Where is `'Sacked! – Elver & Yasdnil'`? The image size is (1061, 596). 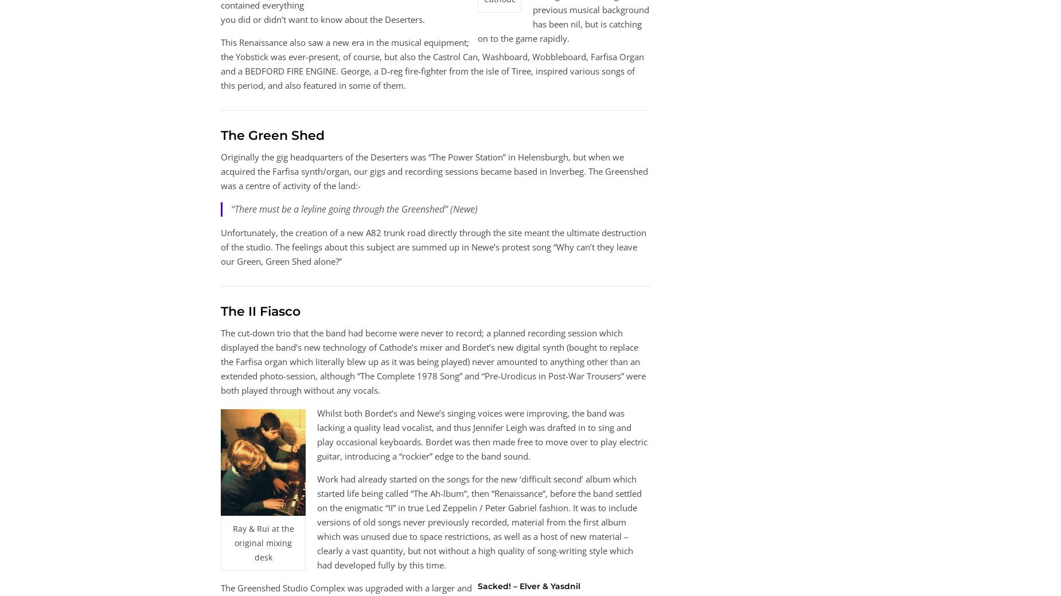
'Sacked! – Elver & Yasdnil' is located at coordinates (529, 586).